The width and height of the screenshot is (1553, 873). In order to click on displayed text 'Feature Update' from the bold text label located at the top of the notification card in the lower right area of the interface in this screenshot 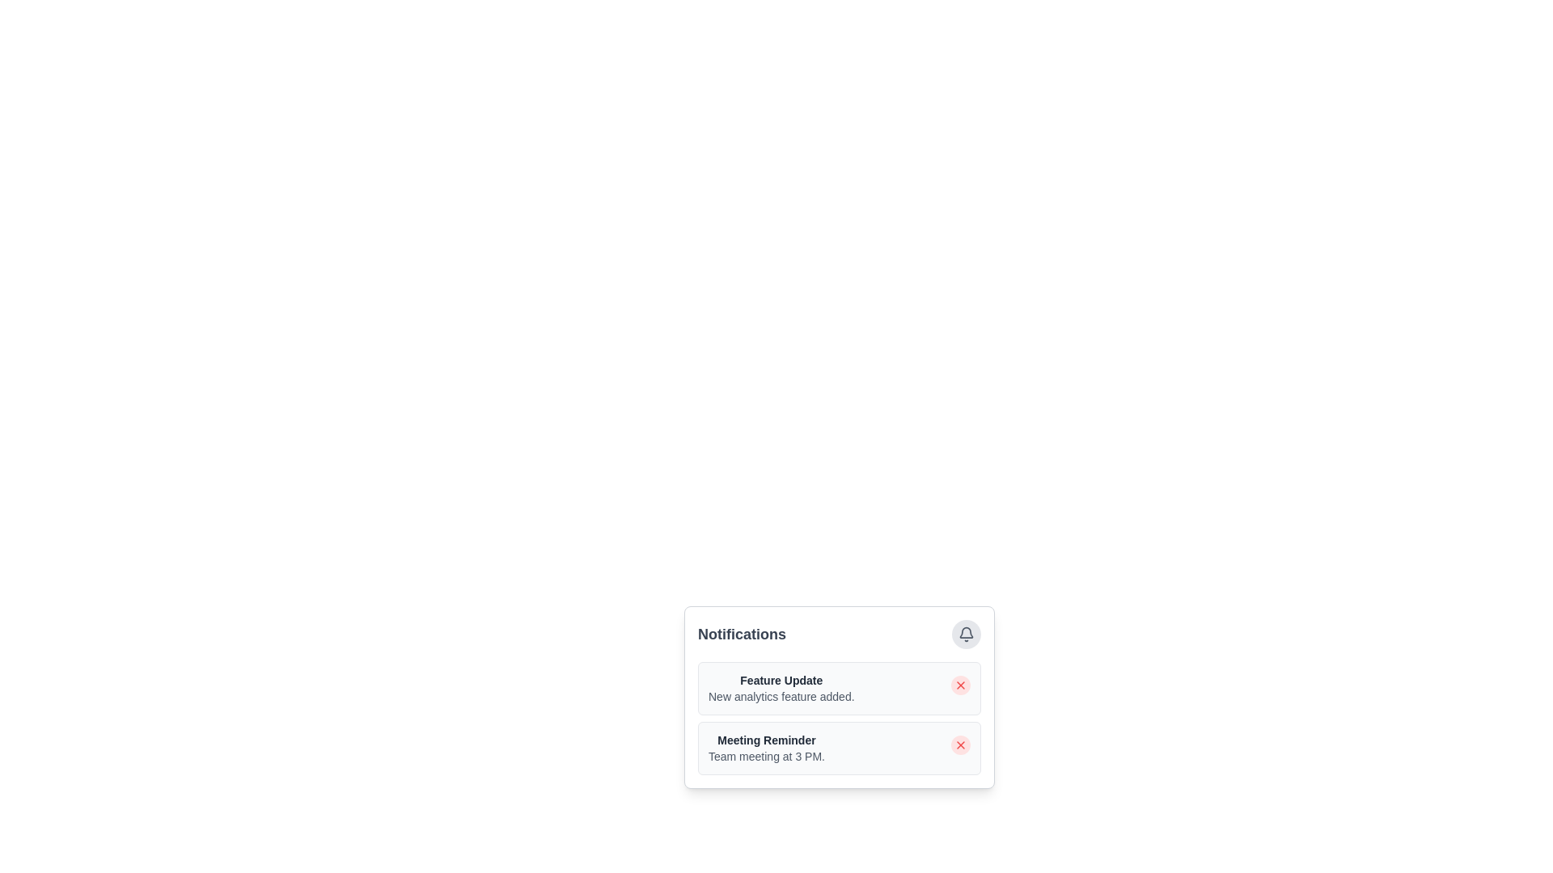, I will do `click(781, 680)`.